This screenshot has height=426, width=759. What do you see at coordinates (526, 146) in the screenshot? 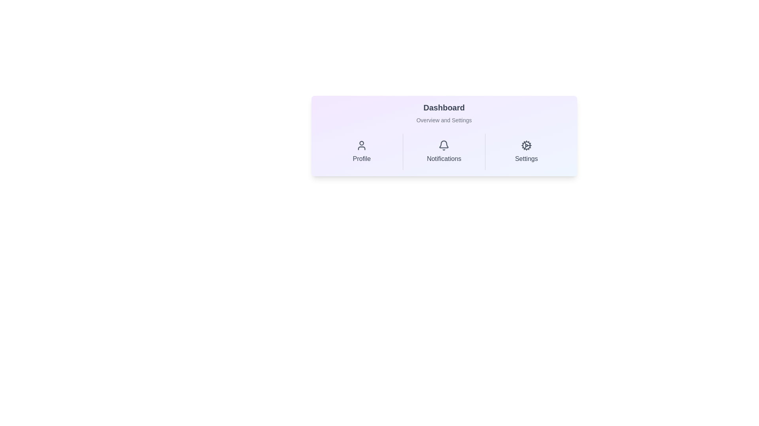
I see `the outer circle of the cogwheel icon, which represents settings, located to the far right within the interface options row` at bounding box center [526, 146].